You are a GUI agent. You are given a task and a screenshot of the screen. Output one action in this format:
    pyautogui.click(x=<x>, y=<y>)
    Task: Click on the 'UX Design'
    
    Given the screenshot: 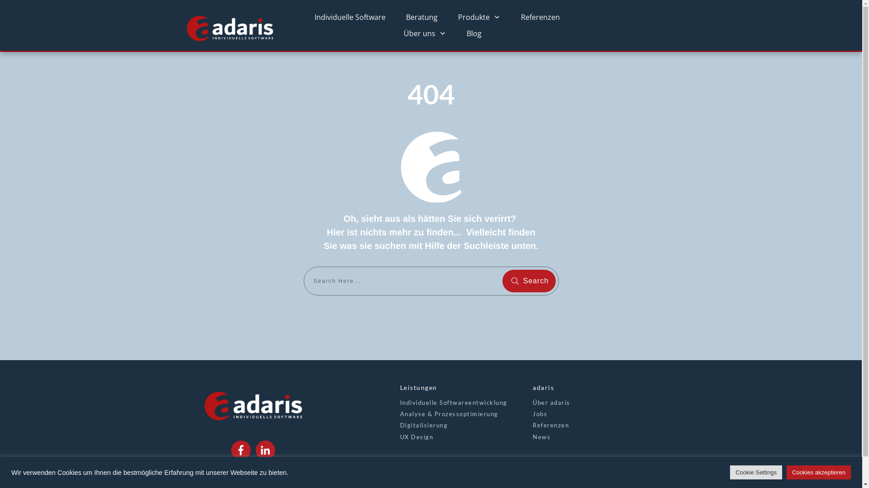 What is the action you would take?
    pyautogui.click(x=416, y=436)
    